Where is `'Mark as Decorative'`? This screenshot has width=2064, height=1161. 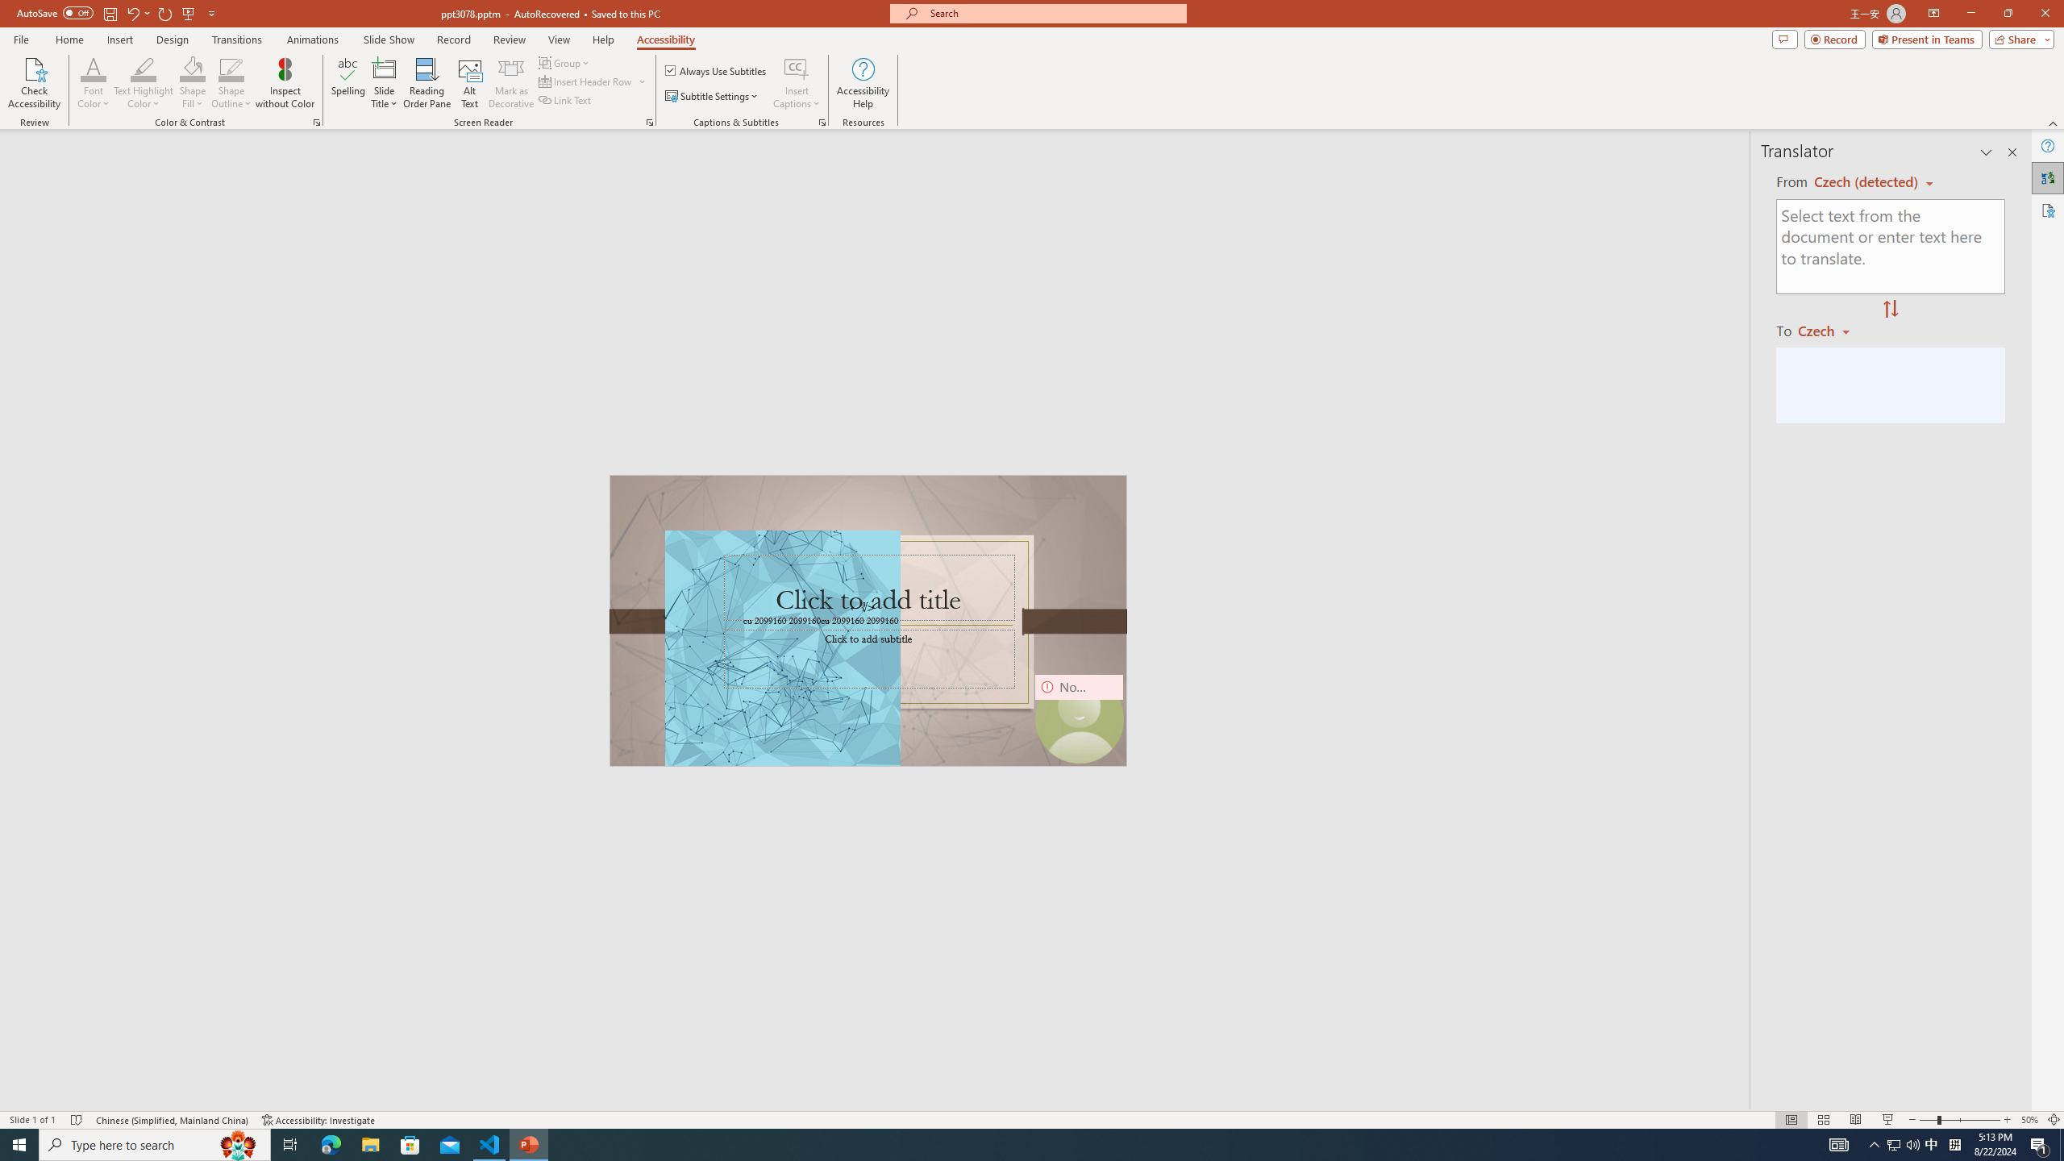
'Mark as Decorative' is located at coordinates (510, 83).